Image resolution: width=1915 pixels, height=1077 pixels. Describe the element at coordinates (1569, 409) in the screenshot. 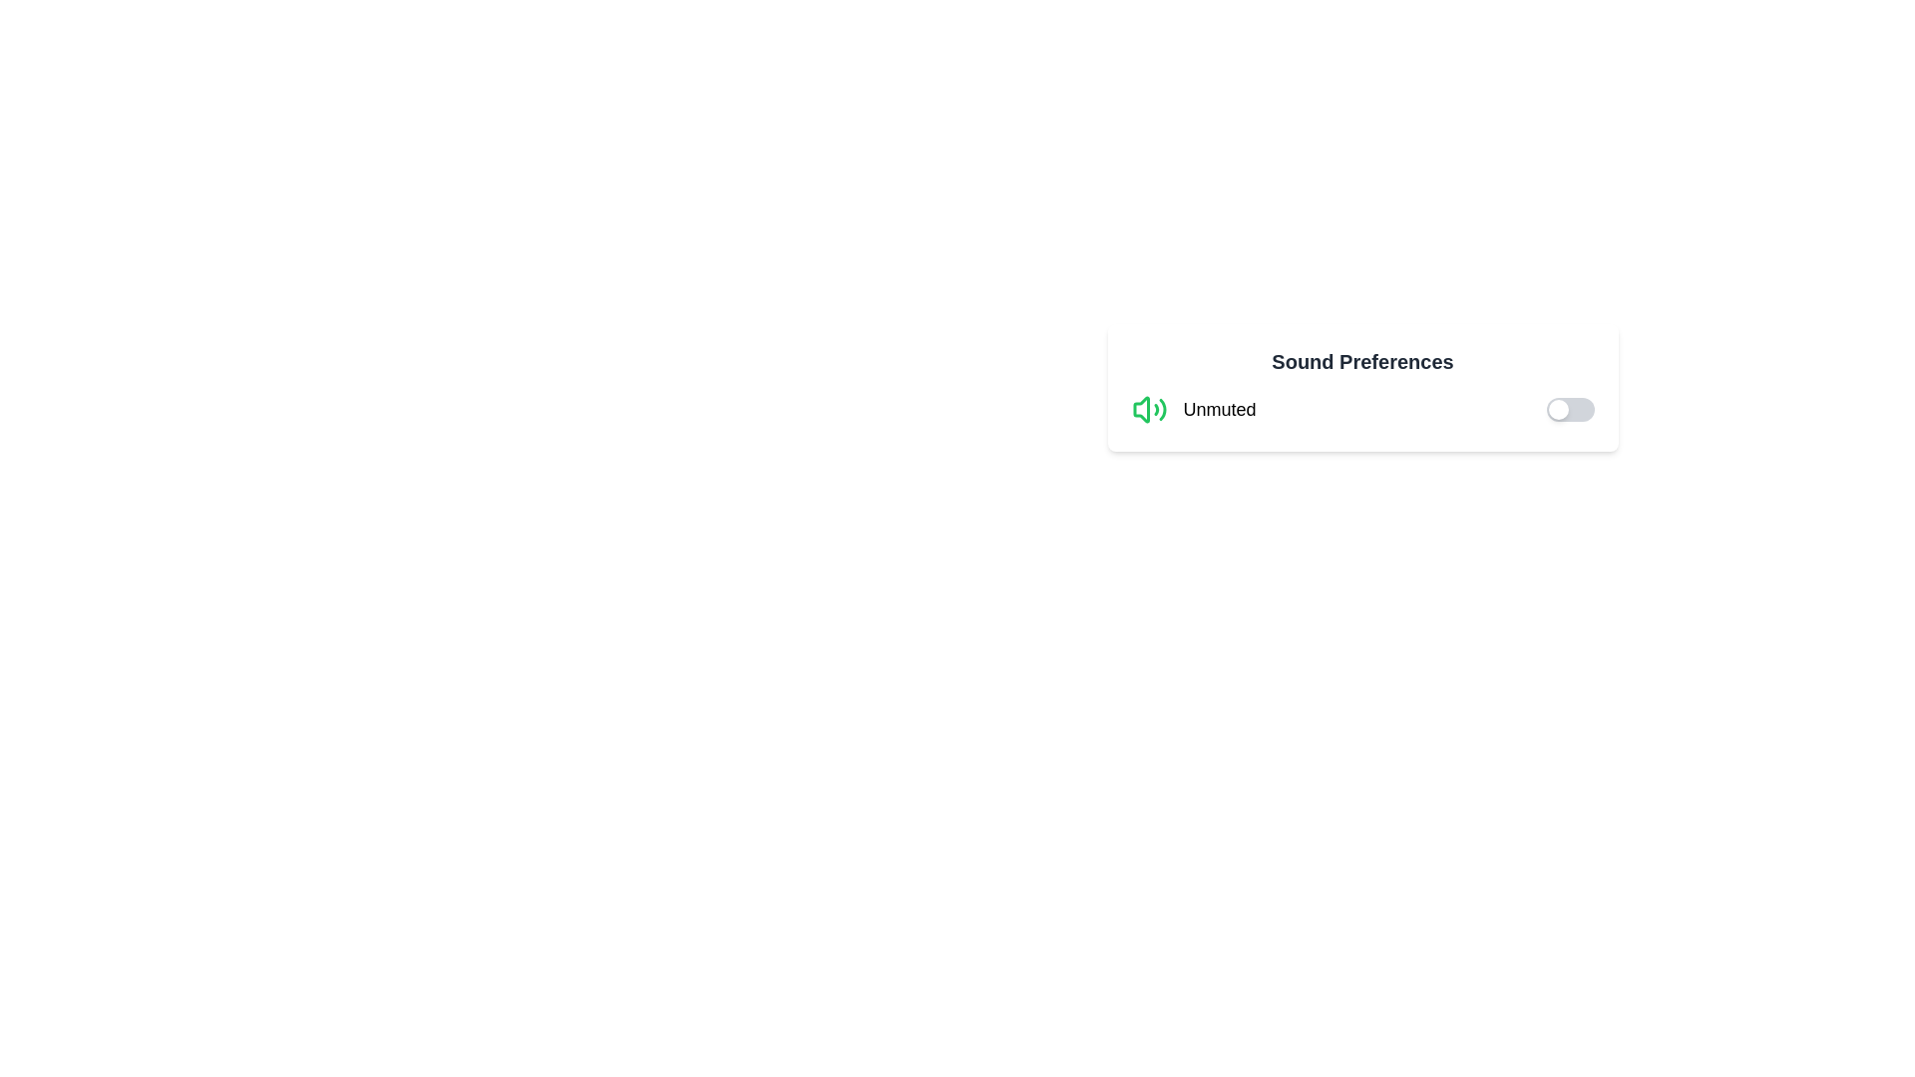

I see `the toggle switch for sound settings, which is visually distinct and located to the far right of the 'Sound Preferences' panel` at that location.